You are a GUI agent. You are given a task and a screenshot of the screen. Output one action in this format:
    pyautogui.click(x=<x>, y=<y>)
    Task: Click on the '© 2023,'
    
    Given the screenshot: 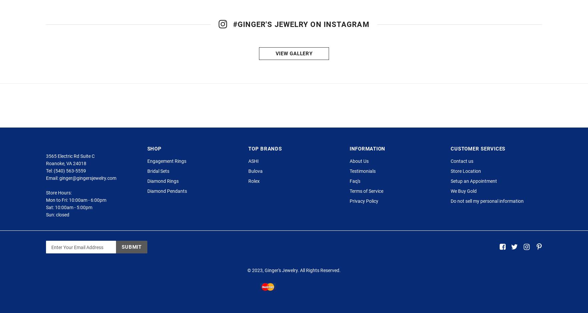 What is the action you would take?
    pyautogui.click(x=256, y=299)
    